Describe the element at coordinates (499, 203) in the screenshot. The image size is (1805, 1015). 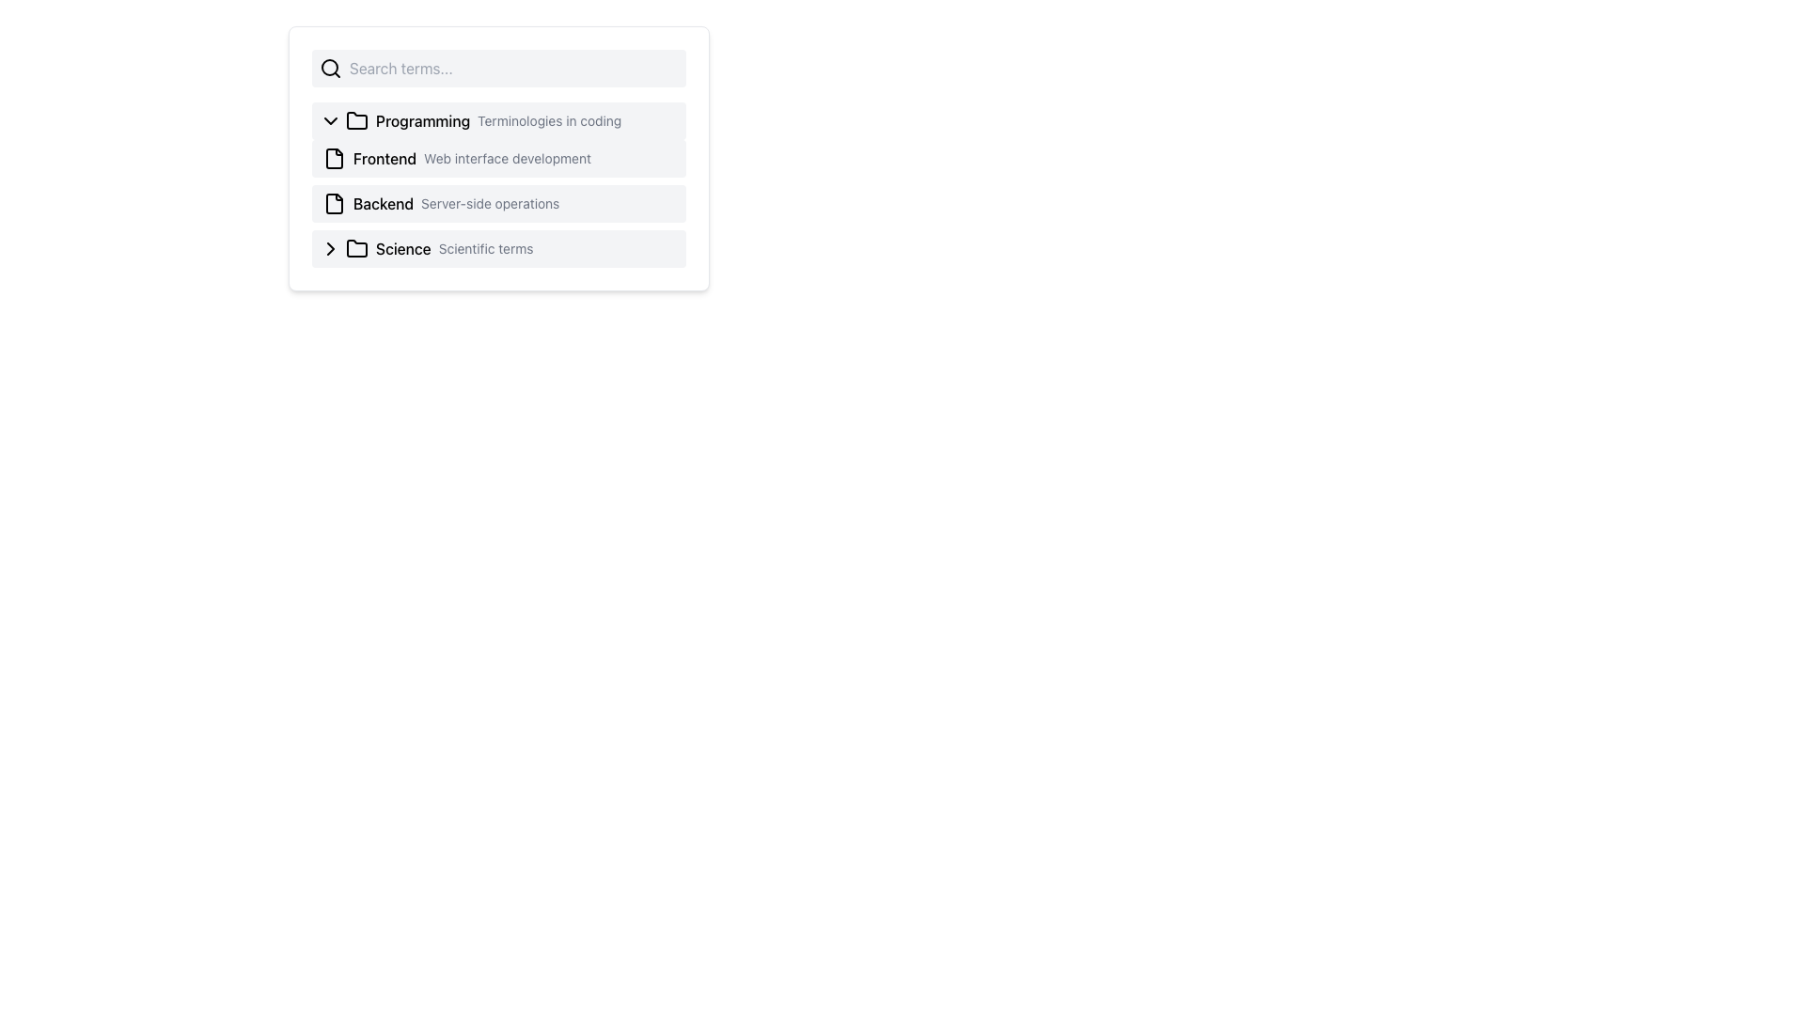
I see `the second list item with an icon and text that represents a category related to Backend or Server-side operations` at that location.